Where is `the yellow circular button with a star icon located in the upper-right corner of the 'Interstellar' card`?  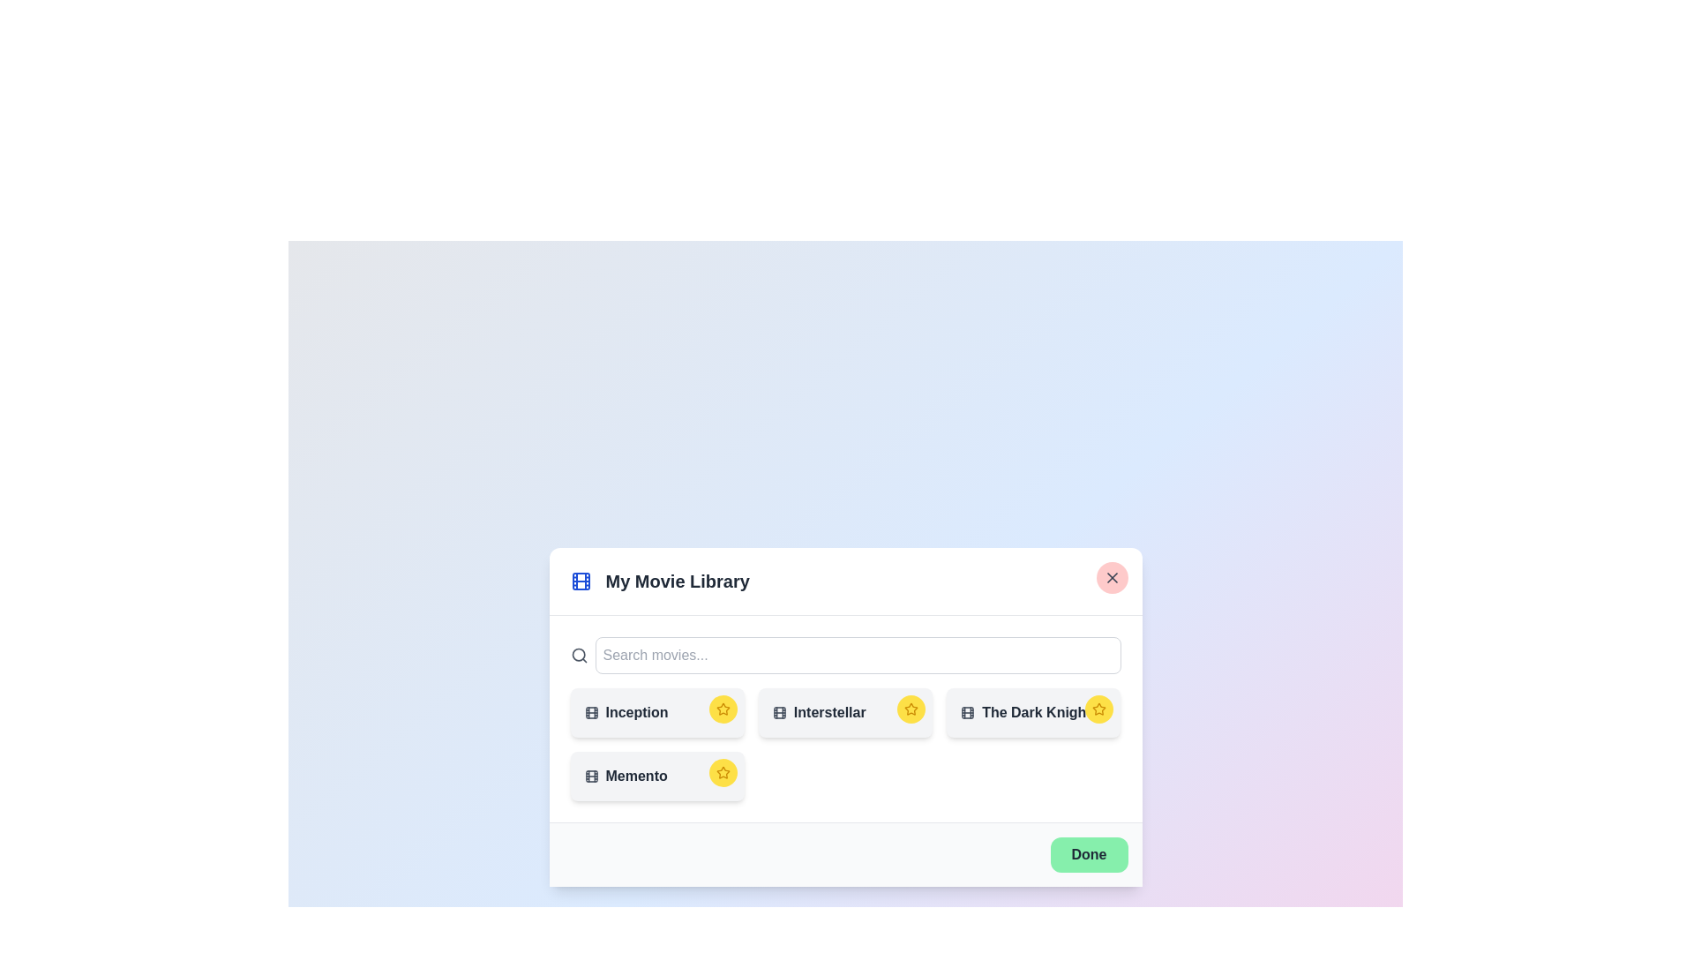 the yellow circular button with a star icon located in the upper-right corner of the 'Interstellar' card is located at coordinates (911, 708).